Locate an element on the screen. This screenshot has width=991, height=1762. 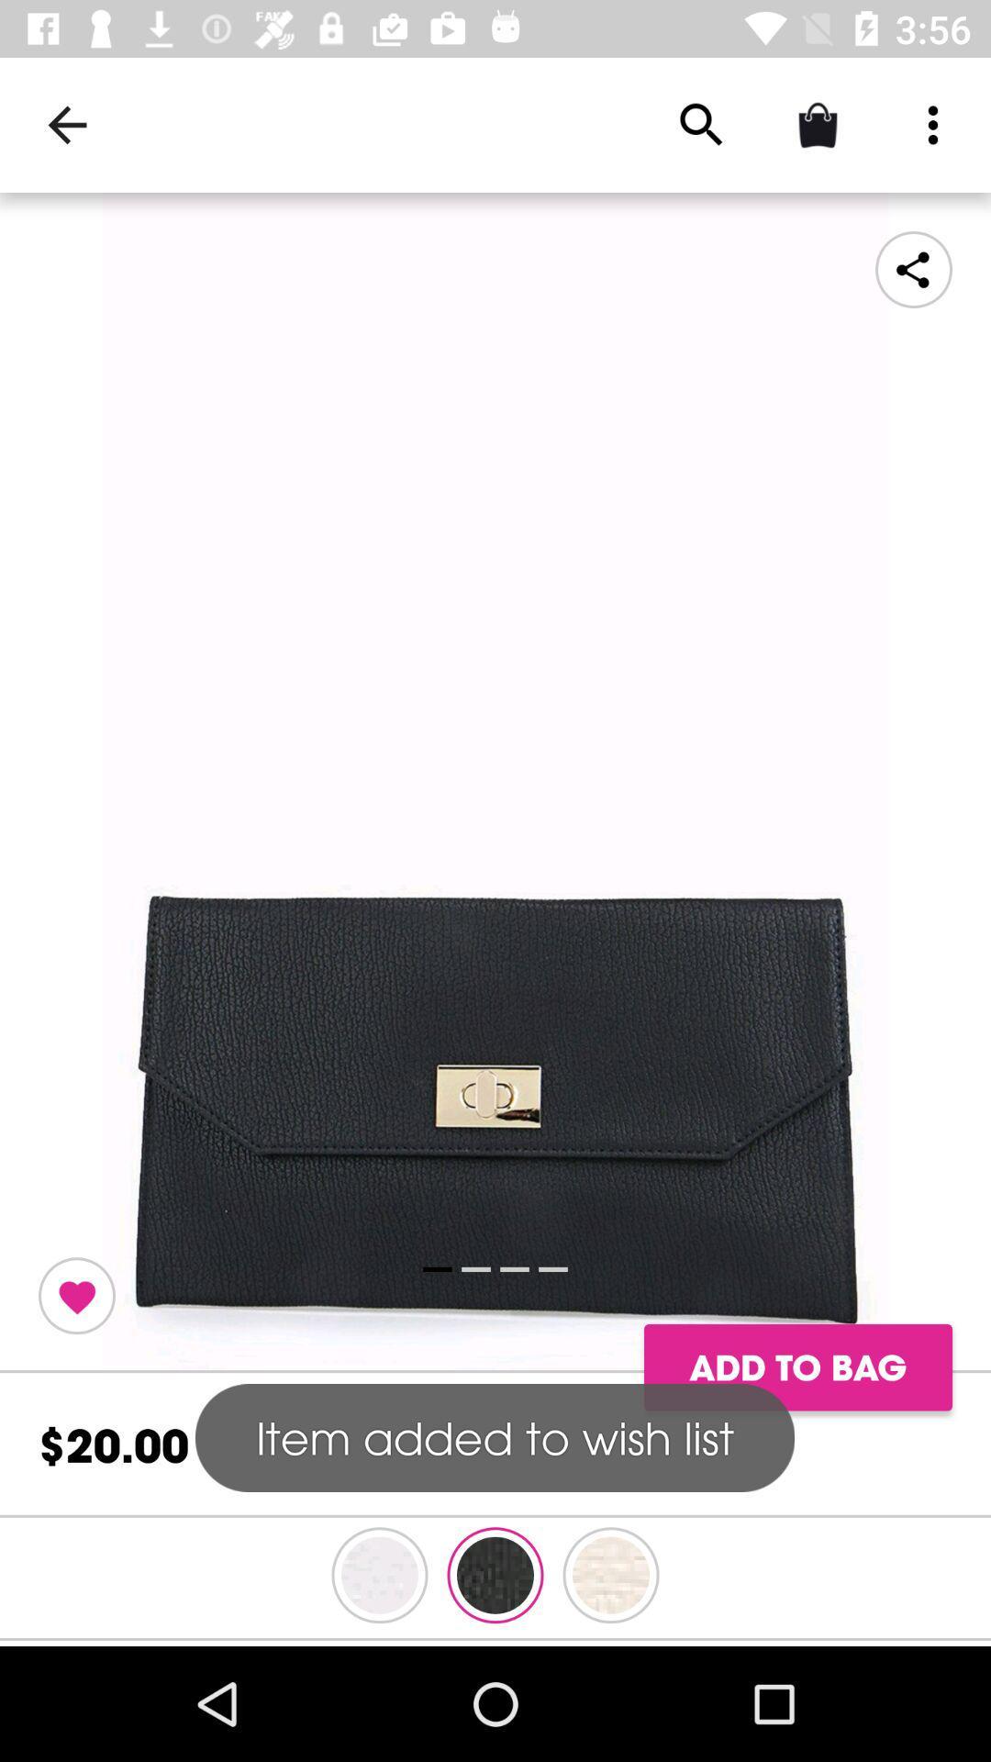
share product is located at coordinates (913, 268).